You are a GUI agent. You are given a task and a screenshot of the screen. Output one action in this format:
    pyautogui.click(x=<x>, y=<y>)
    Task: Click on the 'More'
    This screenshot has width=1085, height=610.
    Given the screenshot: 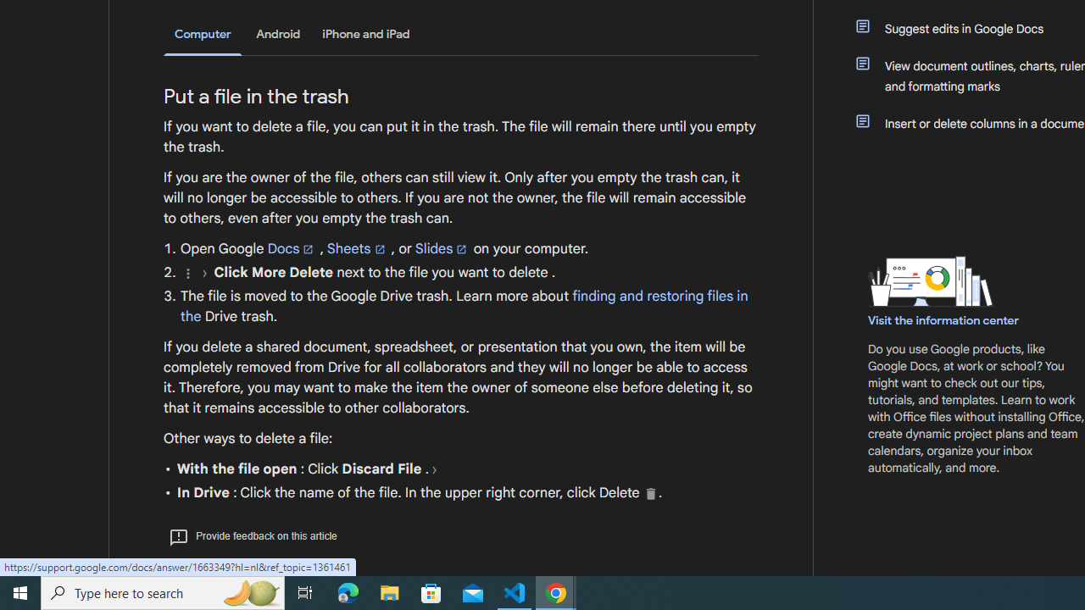 What is the action you would take?
    pyautogui.click(x=187, y=272)
    